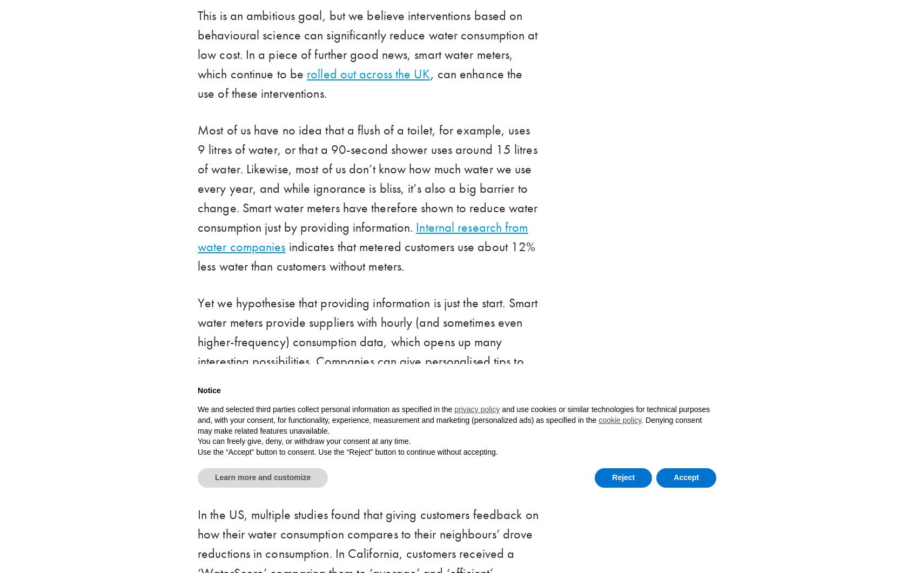  Describe the element at coordinates (347, 451) in the screenshot. I see `'Use the “Accept” button to consent. Use the “Reject” button to continue without accepting.'` at that location.